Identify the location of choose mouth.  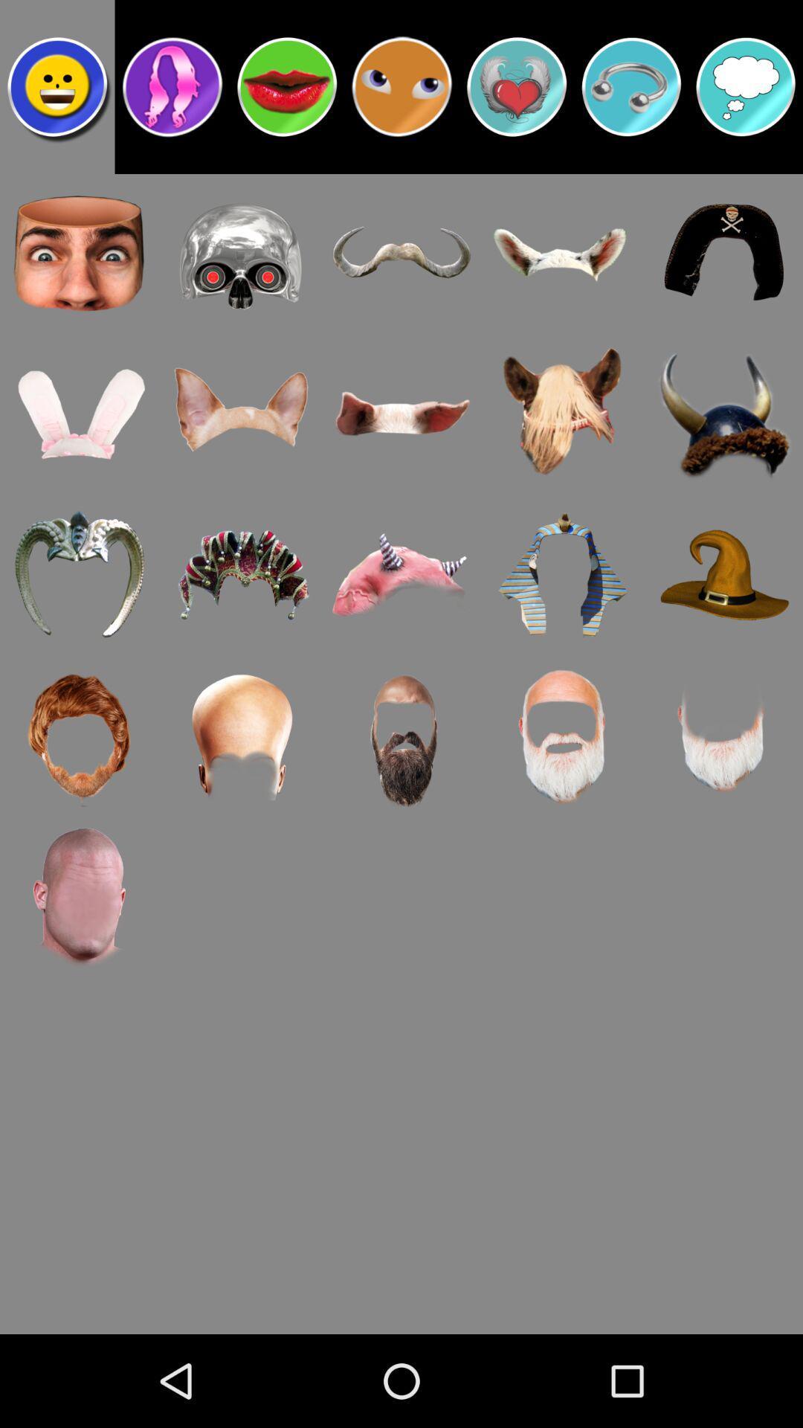
(287, 86).